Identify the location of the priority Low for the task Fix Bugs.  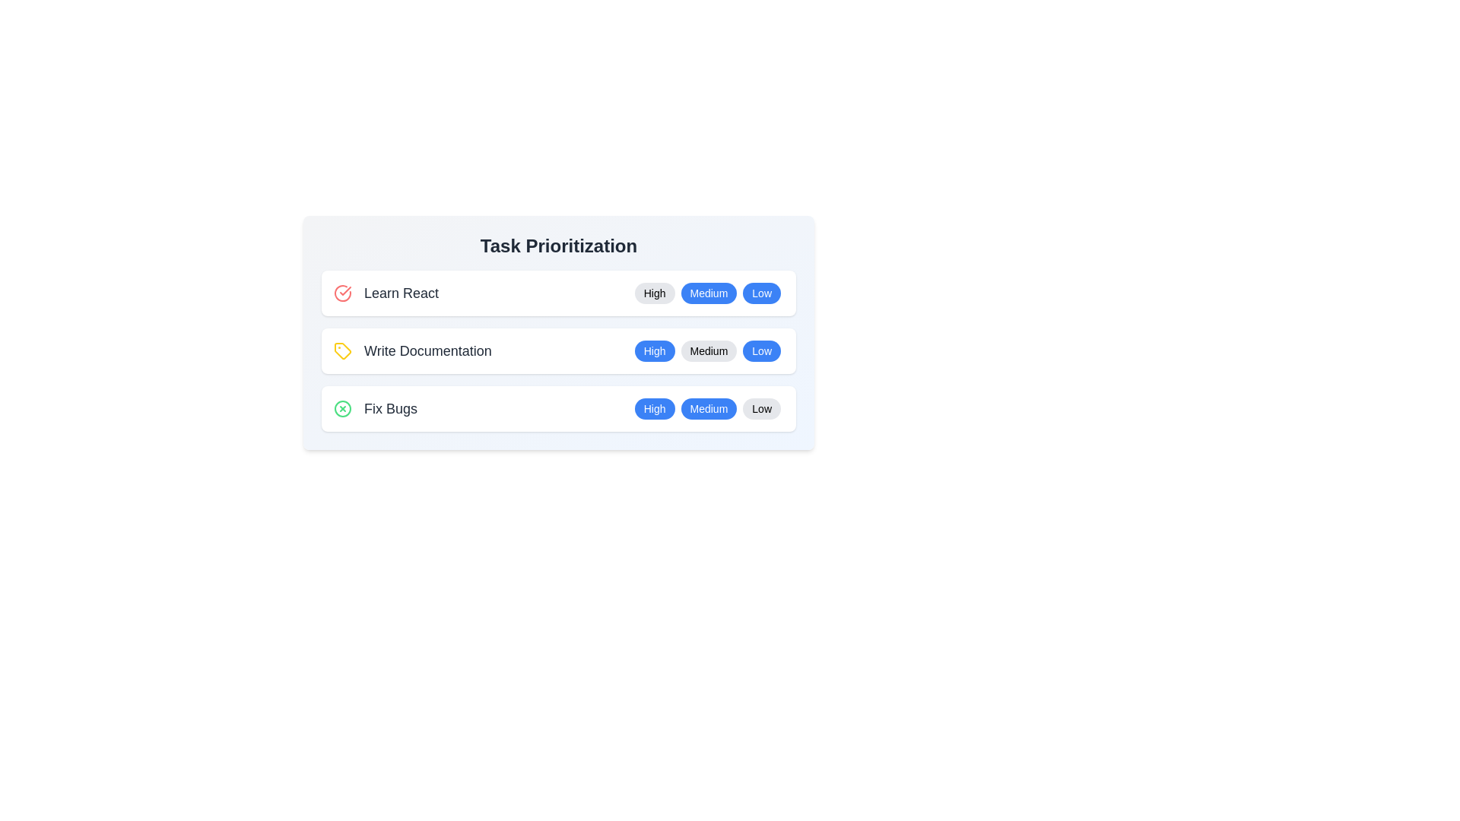
(762, 407).